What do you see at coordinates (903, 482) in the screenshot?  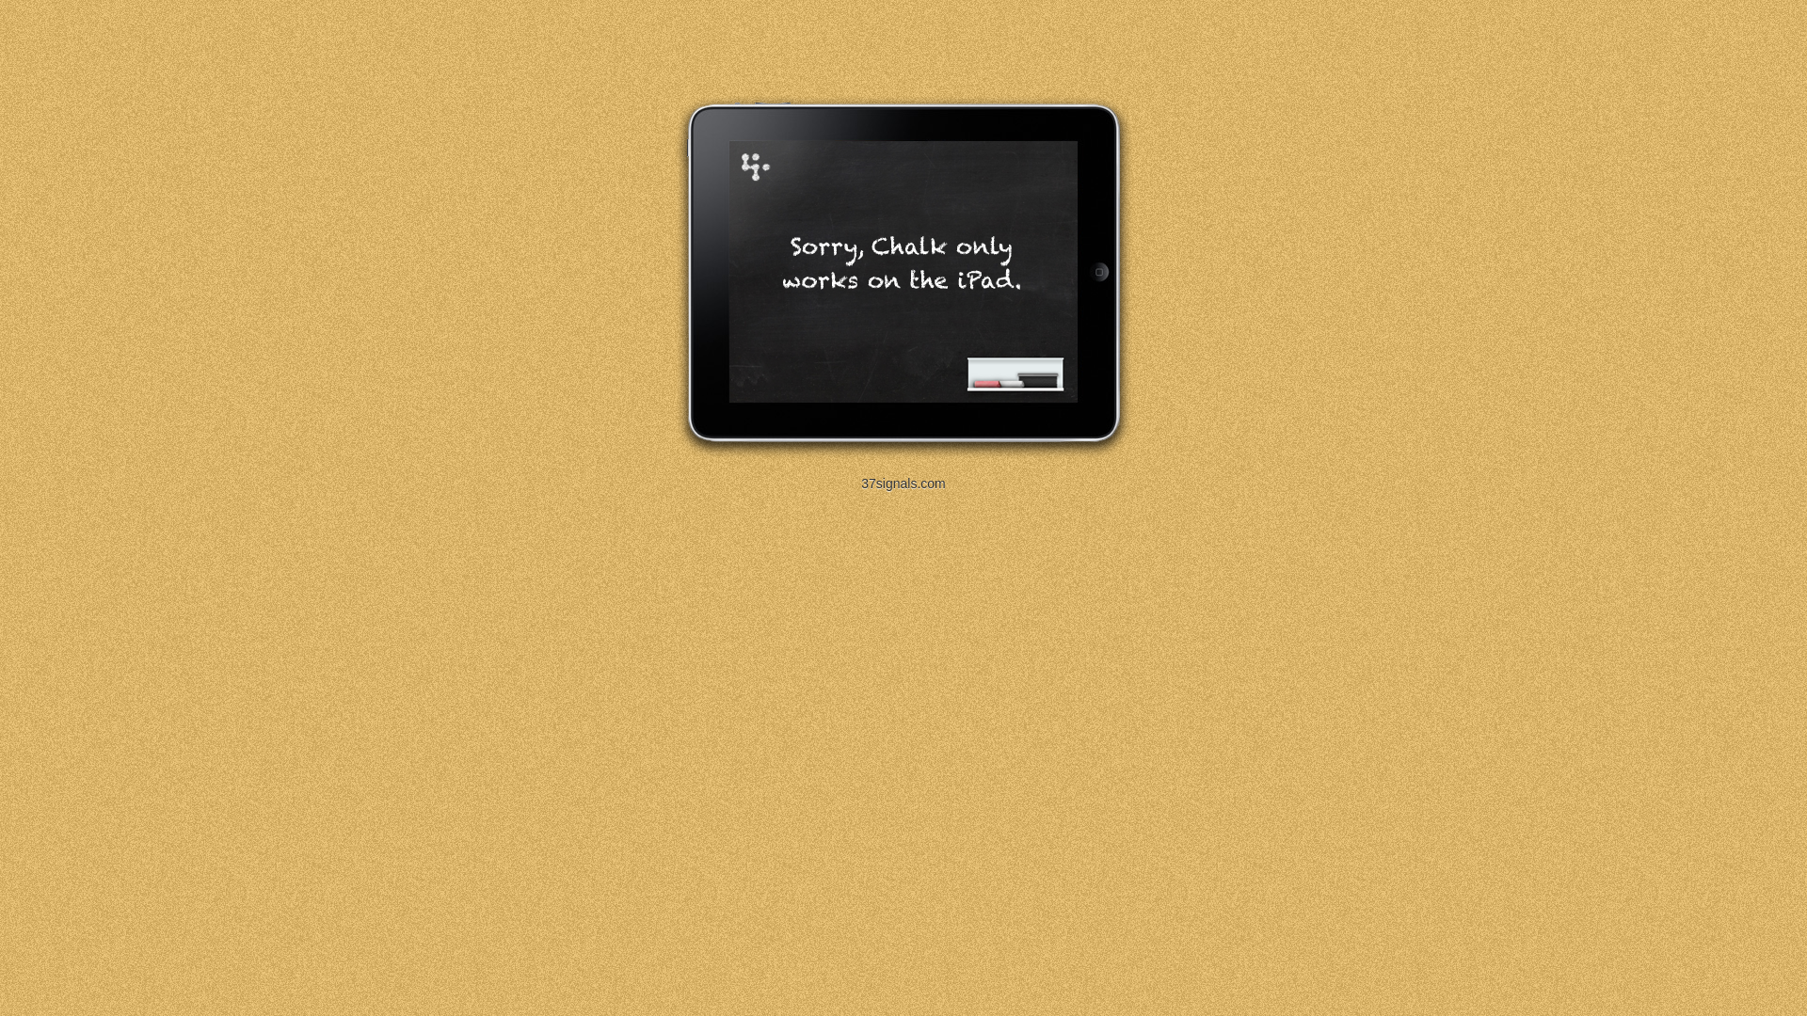 I see `'37signals.com'` at bounding box center [903, 482].